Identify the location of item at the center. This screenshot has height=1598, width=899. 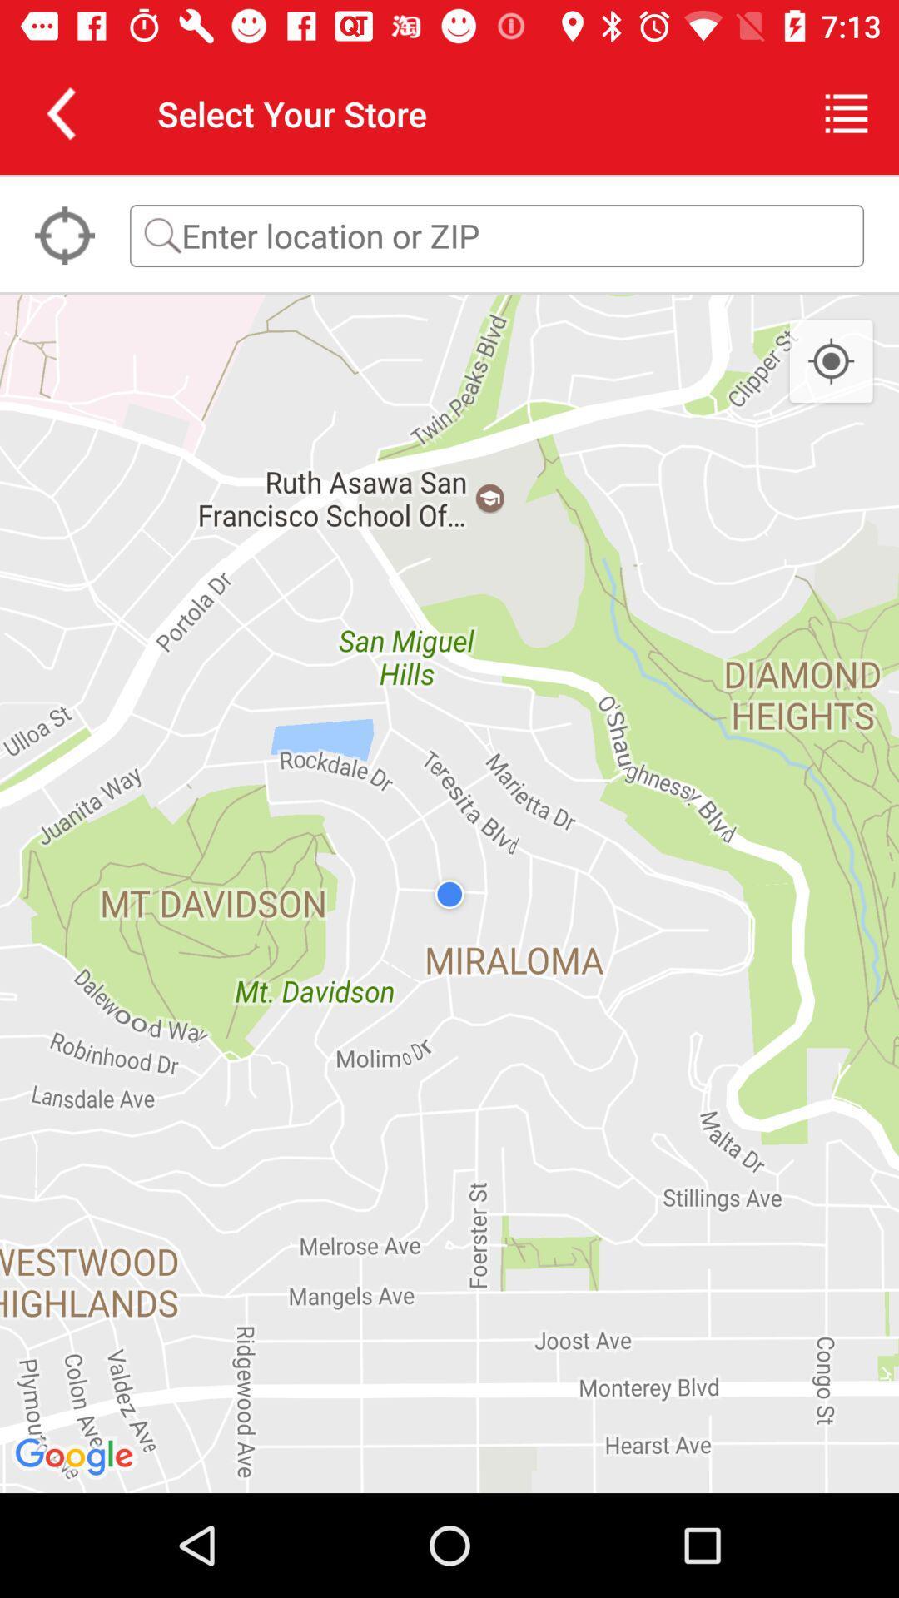
(449, 893).